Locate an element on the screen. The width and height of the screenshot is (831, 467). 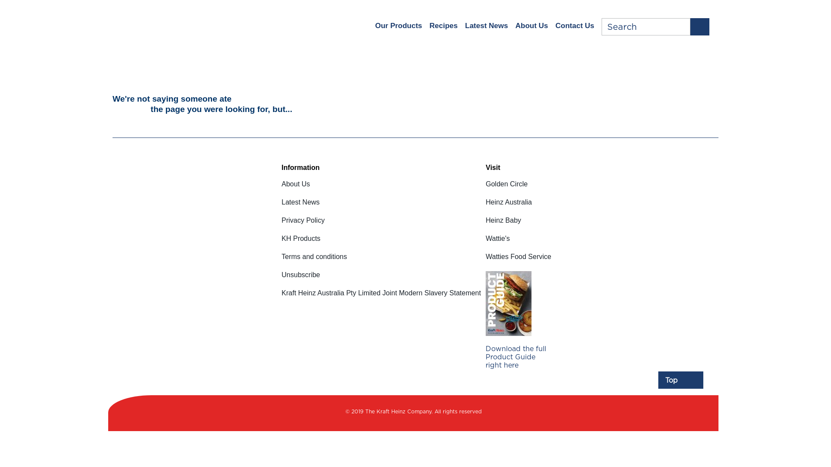
'Watties Food Service' is located at coordinates (518, 261).